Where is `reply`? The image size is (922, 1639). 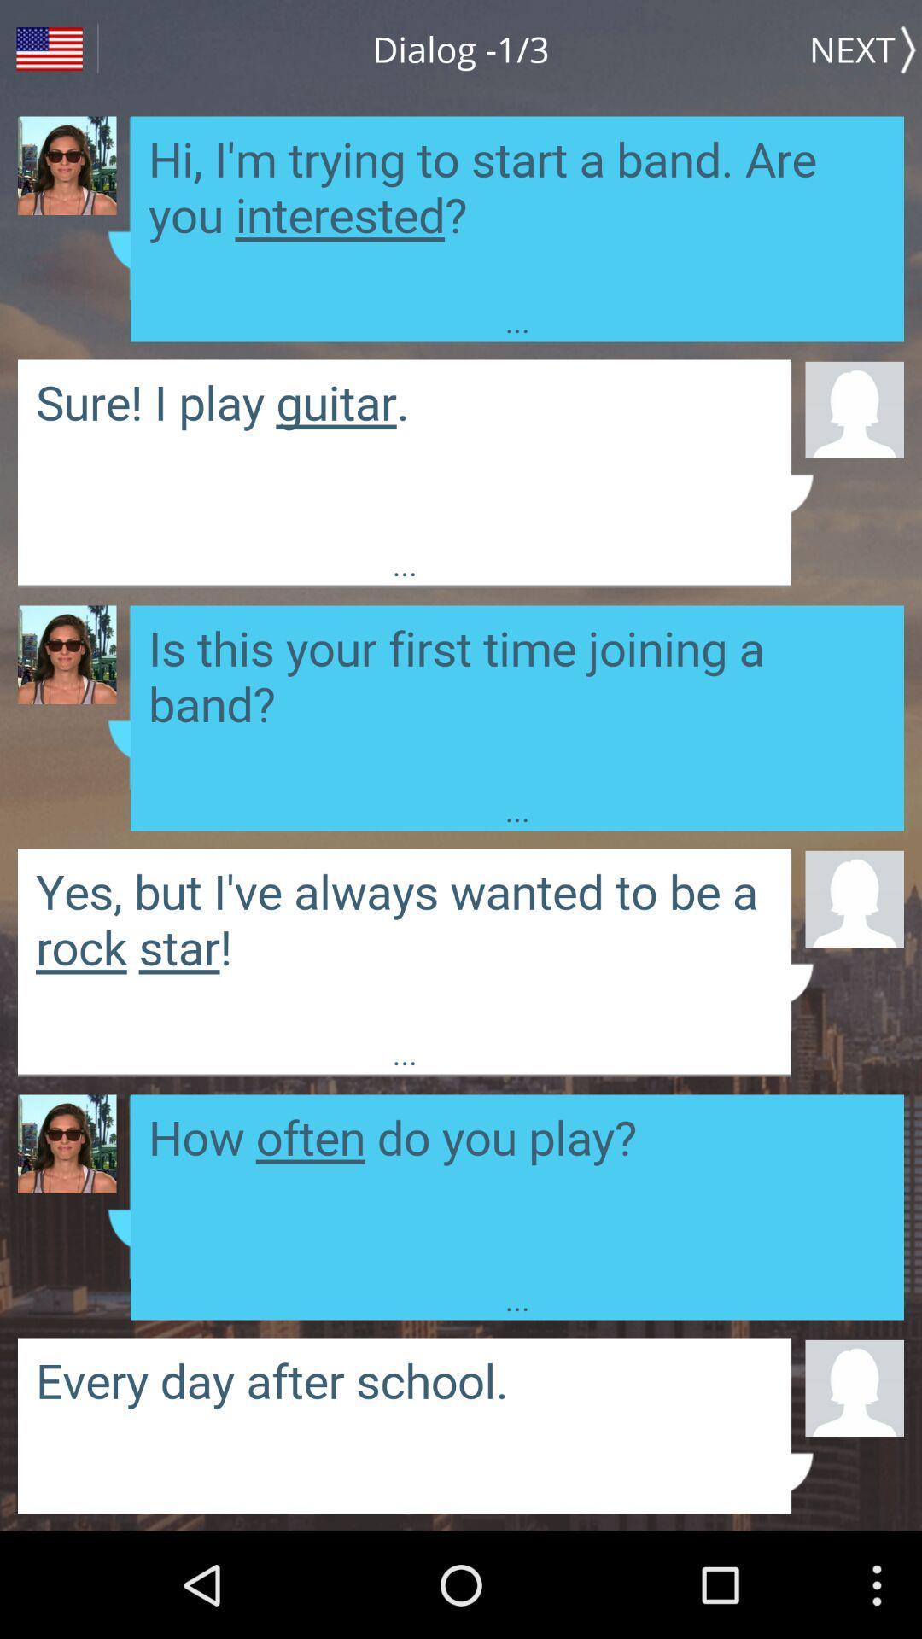
reply is located at coordinates (405, 452).